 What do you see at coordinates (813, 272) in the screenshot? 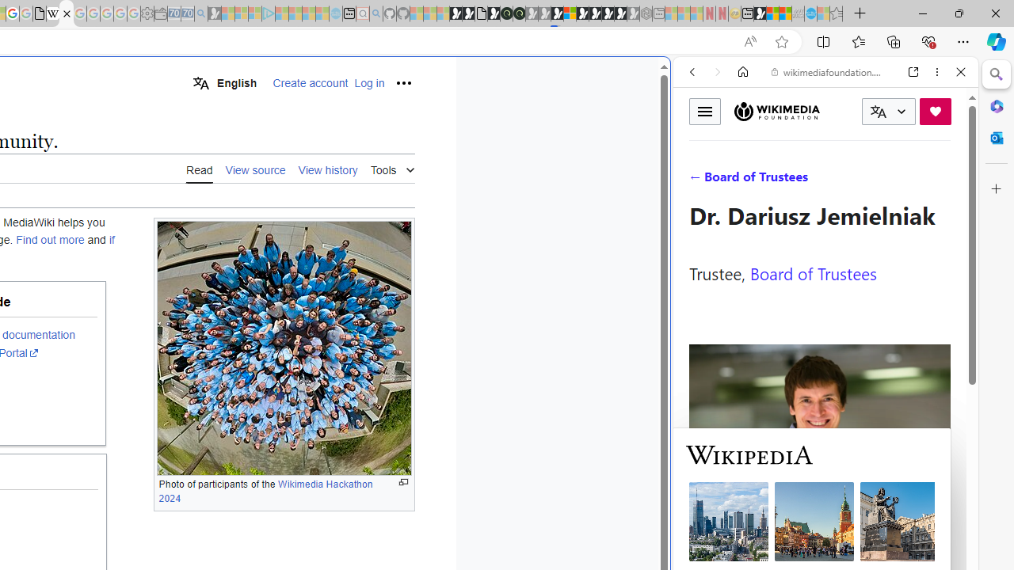
I see `'Board of Trustees'` at bounding box center [813, 272].